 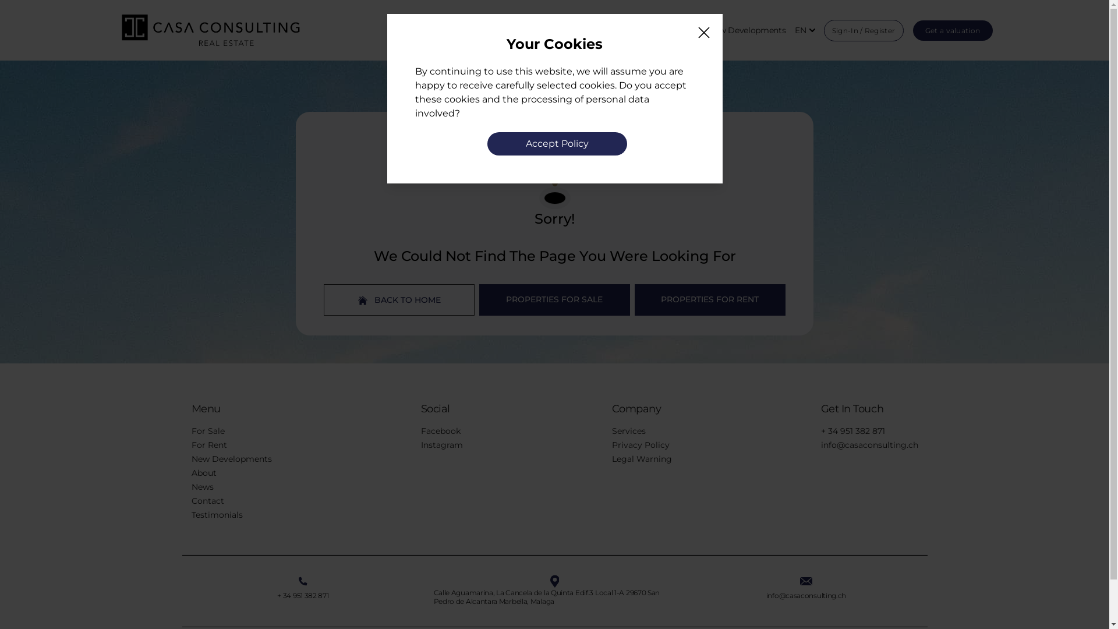 I want to click on 'Privacy Policy', so click(x=639, y=444).